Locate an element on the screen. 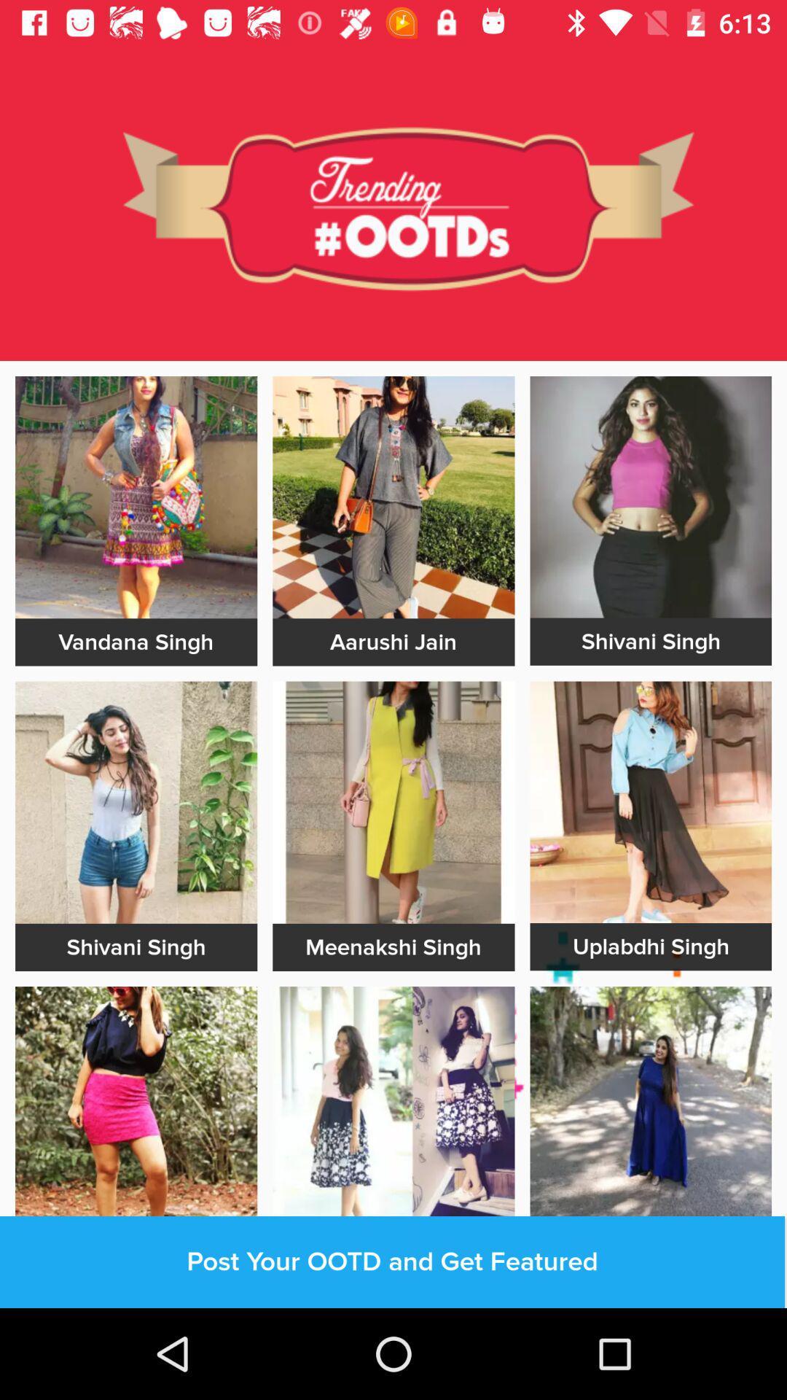 The image size is (787, 1400). the image above uplabdhi singh on the page is located at coordinates (650, 801).